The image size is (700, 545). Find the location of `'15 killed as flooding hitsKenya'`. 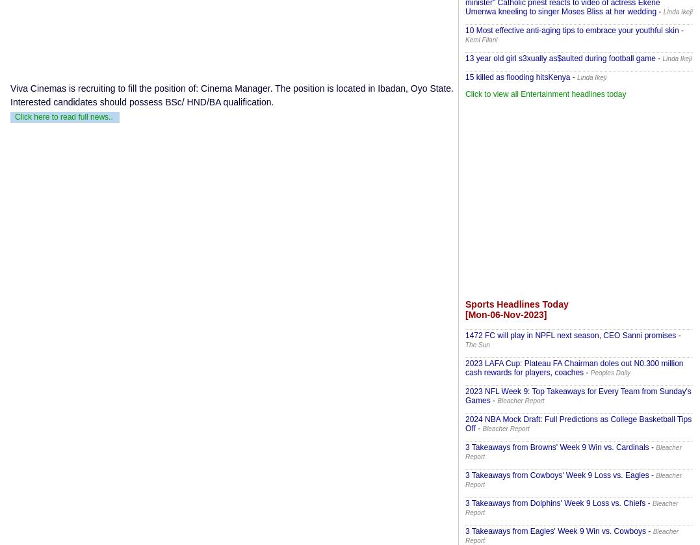

'15 killed as flooding hitsKenya' is located at coordinates (517, 77).